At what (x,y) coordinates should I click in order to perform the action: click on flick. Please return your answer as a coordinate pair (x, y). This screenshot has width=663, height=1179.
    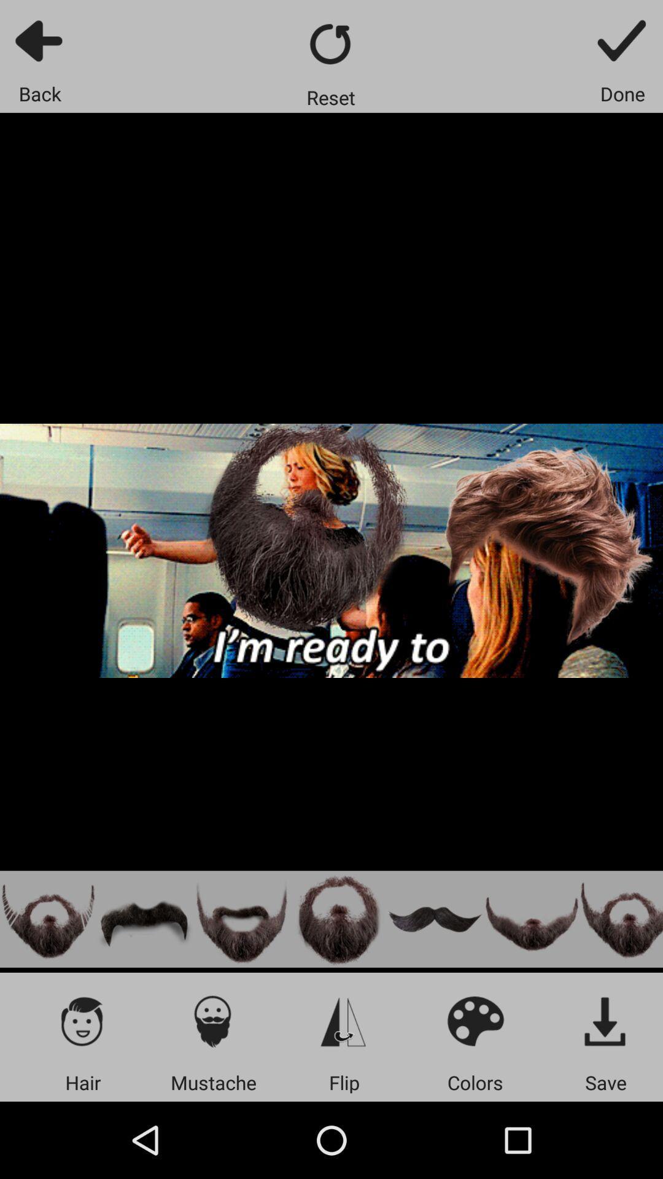
    Looking at the image, I should click on (344, 1021).